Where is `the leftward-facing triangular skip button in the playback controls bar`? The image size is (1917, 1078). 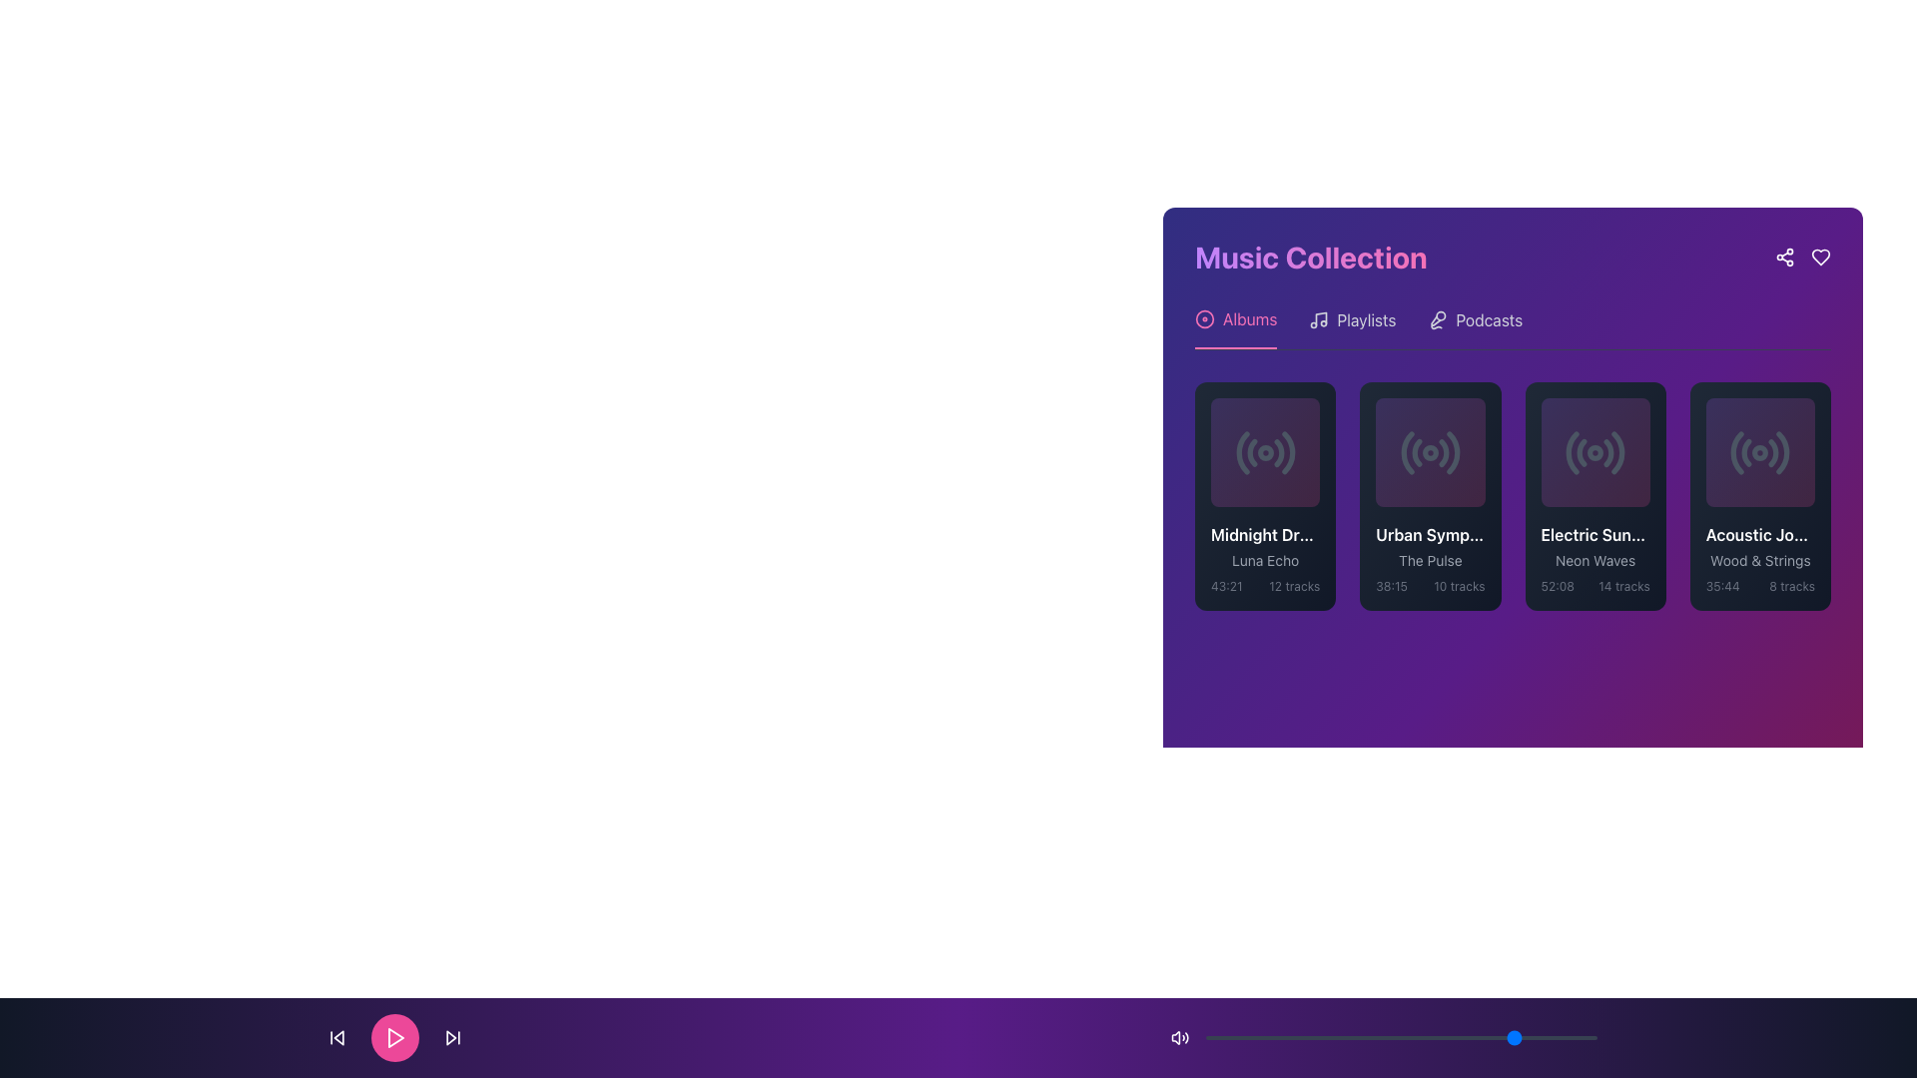 the leftward-facing triangular skip button in the playback controls bar is located at coordinates (338, 1037).